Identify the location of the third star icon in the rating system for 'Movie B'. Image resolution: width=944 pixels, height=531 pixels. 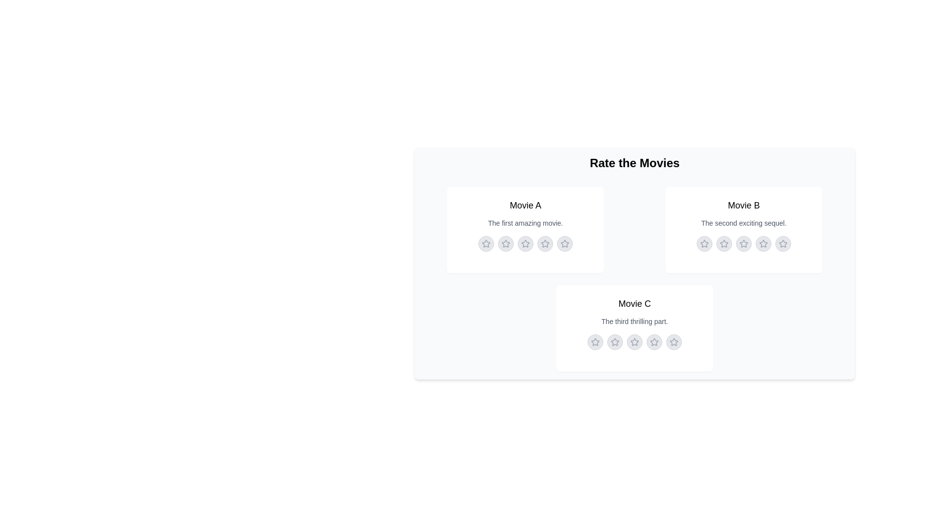
(743, 243).